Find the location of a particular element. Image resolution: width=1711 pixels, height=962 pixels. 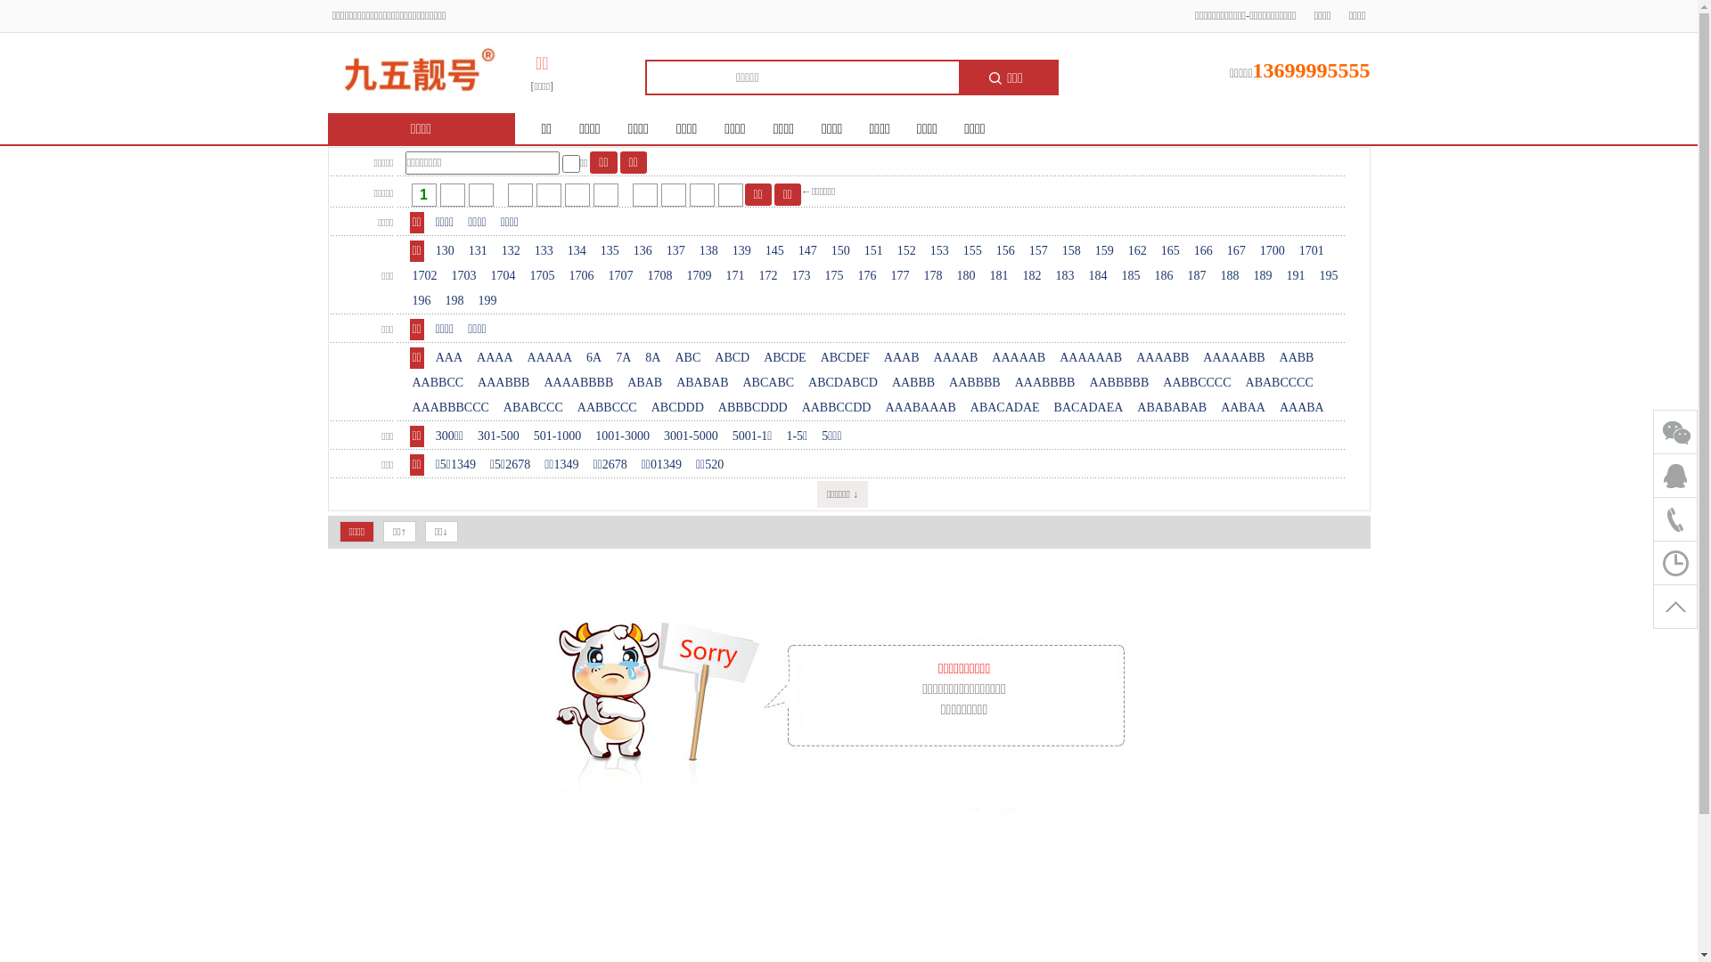

'AAABBBCCC' is located at coordinates (450, 408).